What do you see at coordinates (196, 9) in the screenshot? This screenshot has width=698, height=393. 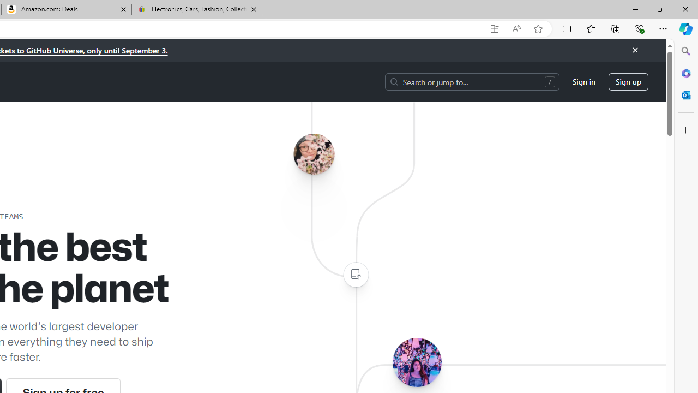 I see `'Electronics, Cars, Fashion, Collectibles & More | eBay'` at bounding box center [196, 9].